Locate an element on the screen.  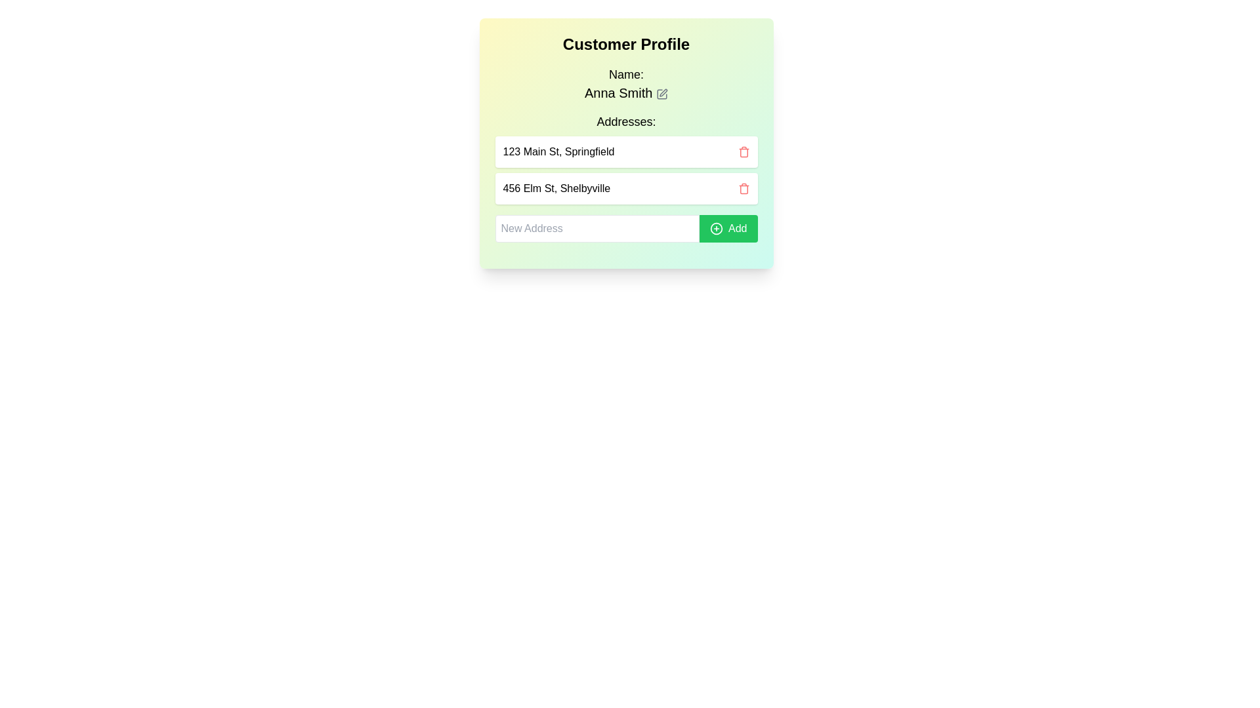
the red trash icon button located in the upper-right corner of the first address block is located at coordinates (744, 151).